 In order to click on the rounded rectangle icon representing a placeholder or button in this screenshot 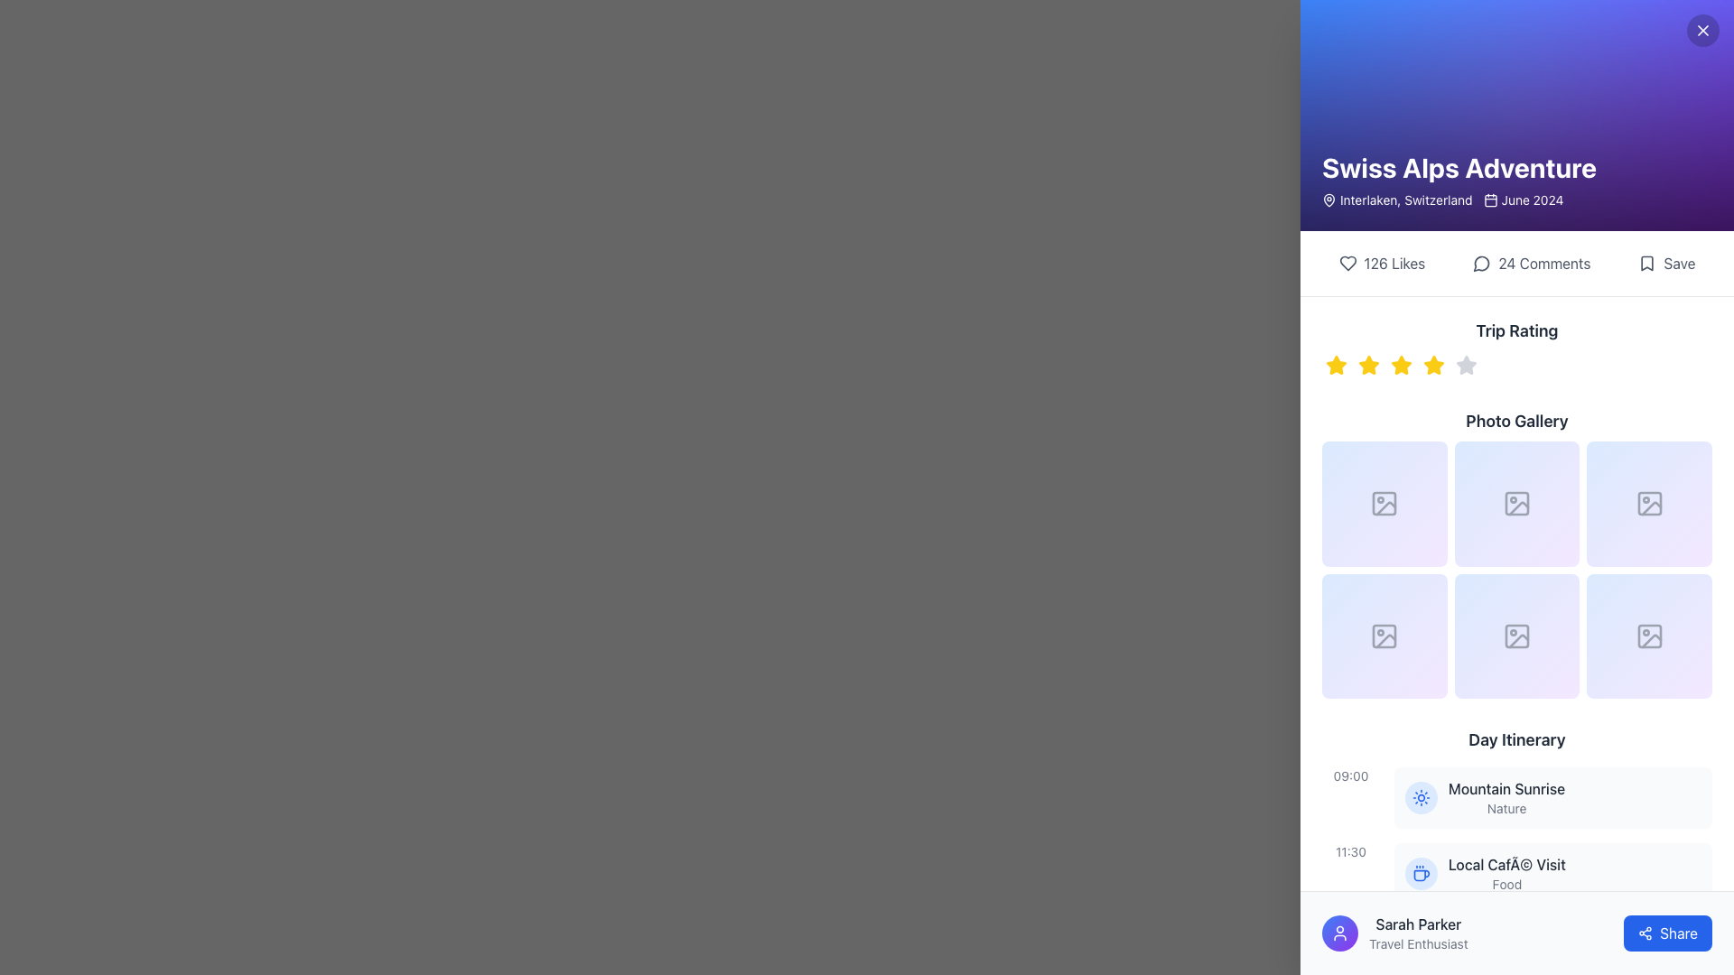, I will do `click(1649, 504)`.